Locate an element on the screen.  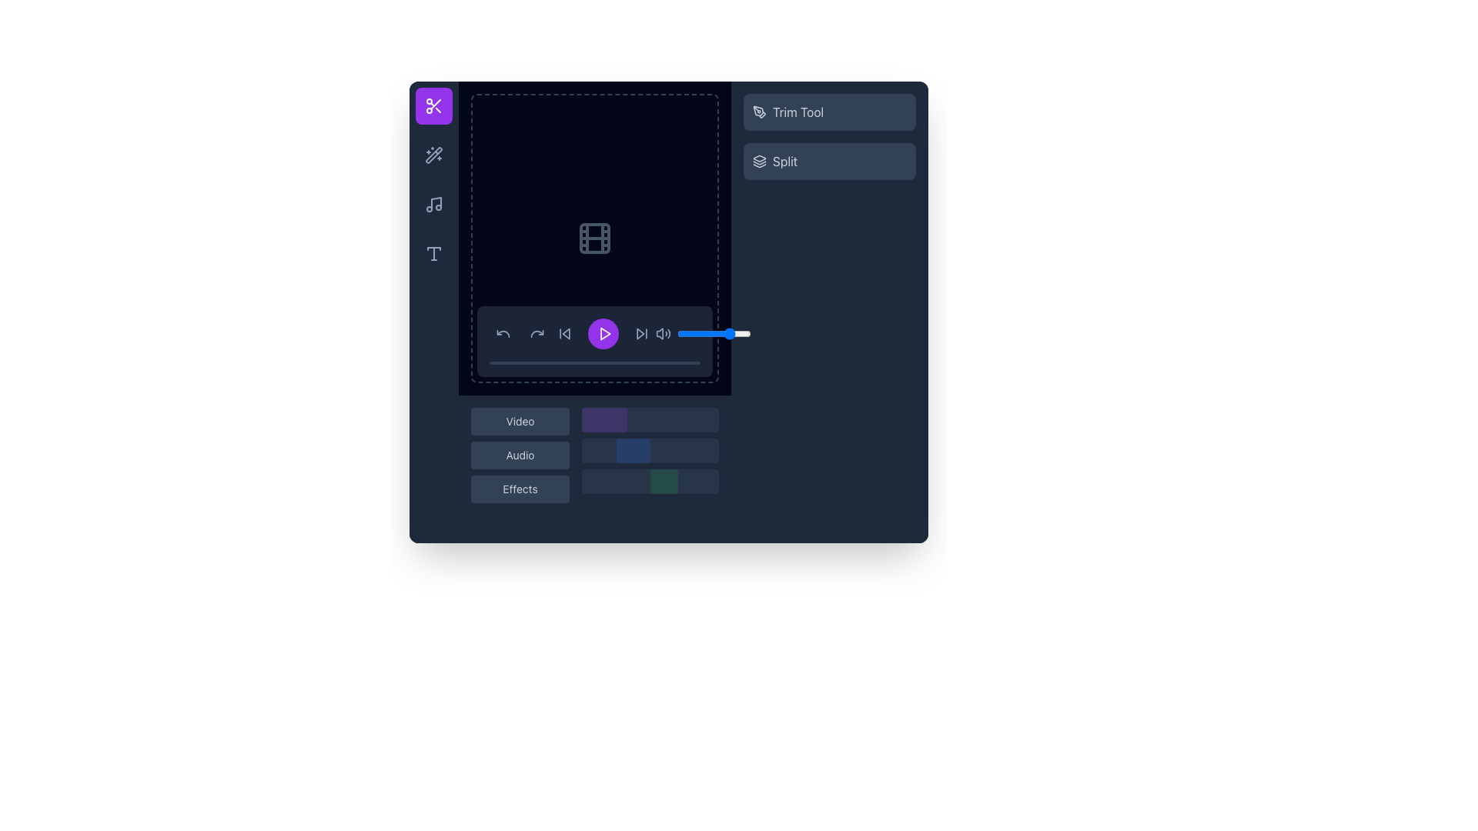
the text tool icon, which is the second option in the vertical stack of icons on the left sidebar is located at coordinates (433, 253).